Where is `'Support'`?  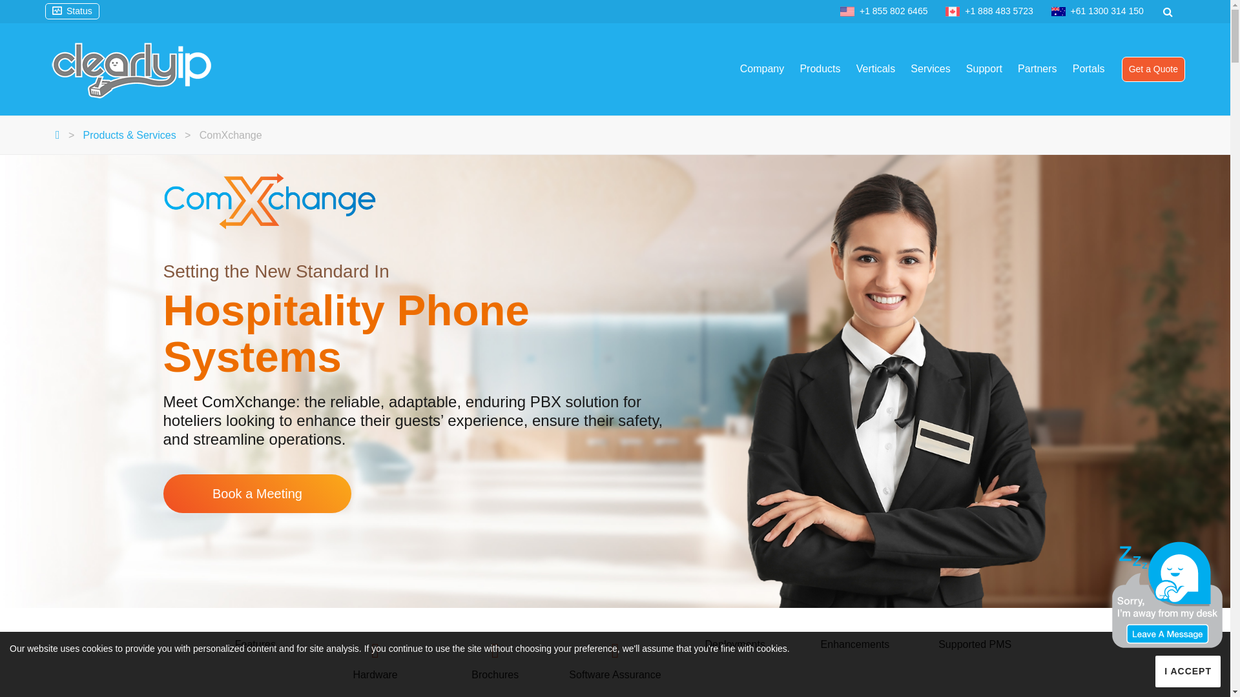 'Support' is located at coordinates (983, 69).